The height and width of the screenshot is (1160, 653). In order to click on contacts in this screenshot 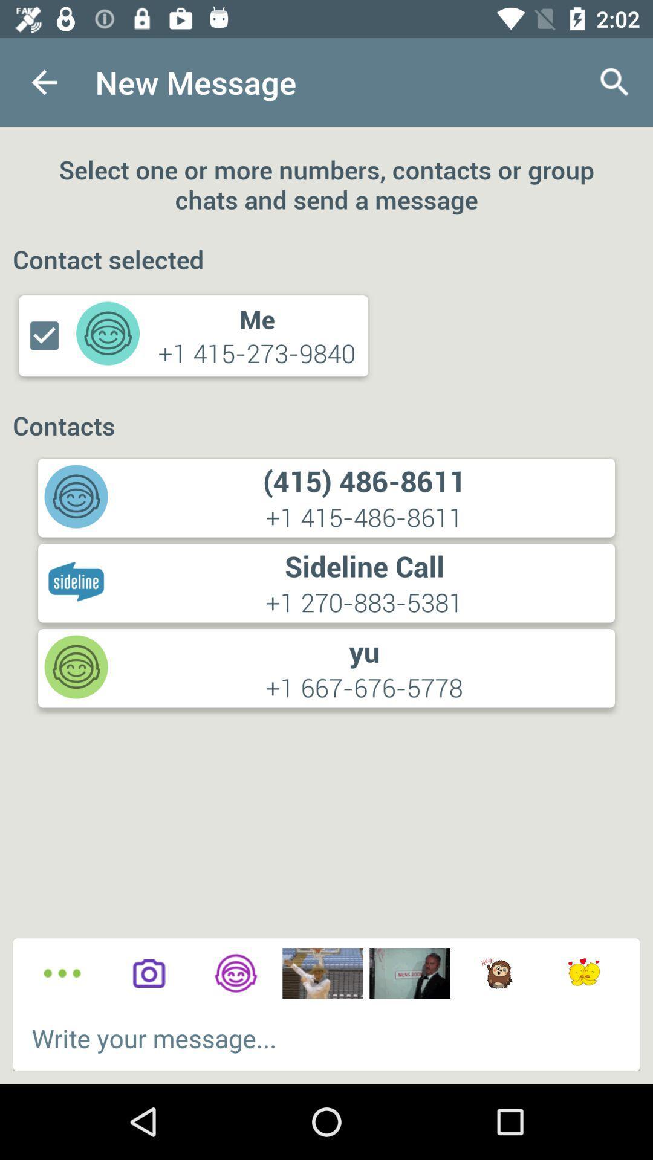, I will do `click(235, 973)`.